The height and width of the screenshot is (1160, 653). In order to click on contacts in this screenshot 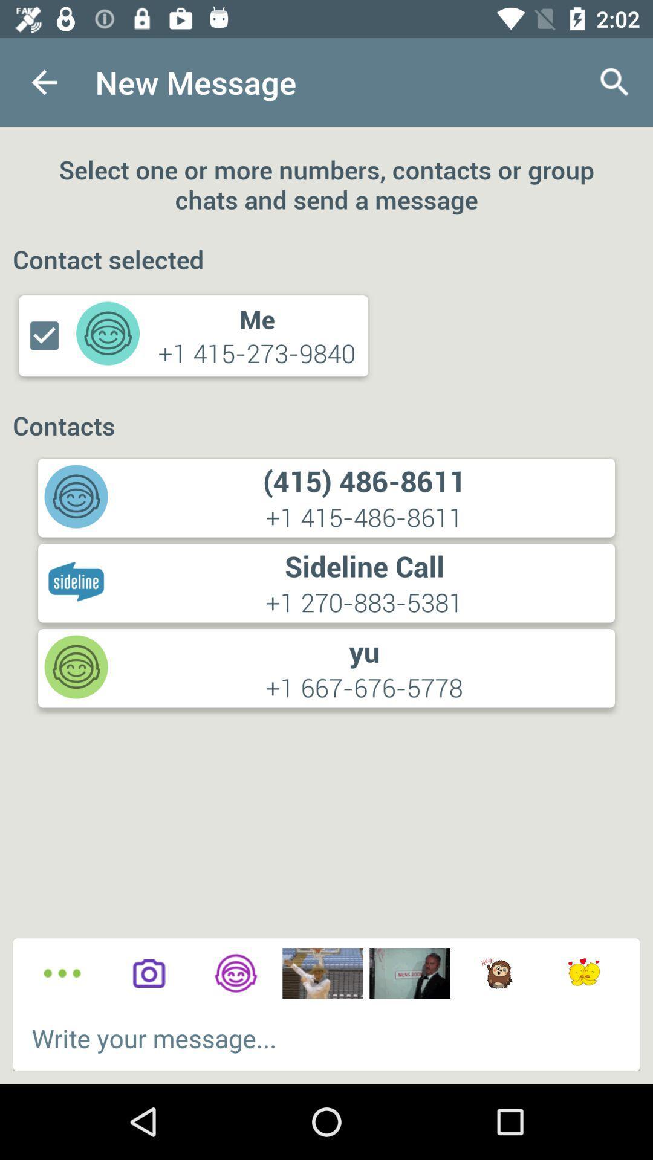, I will do `click(235, 973)`.